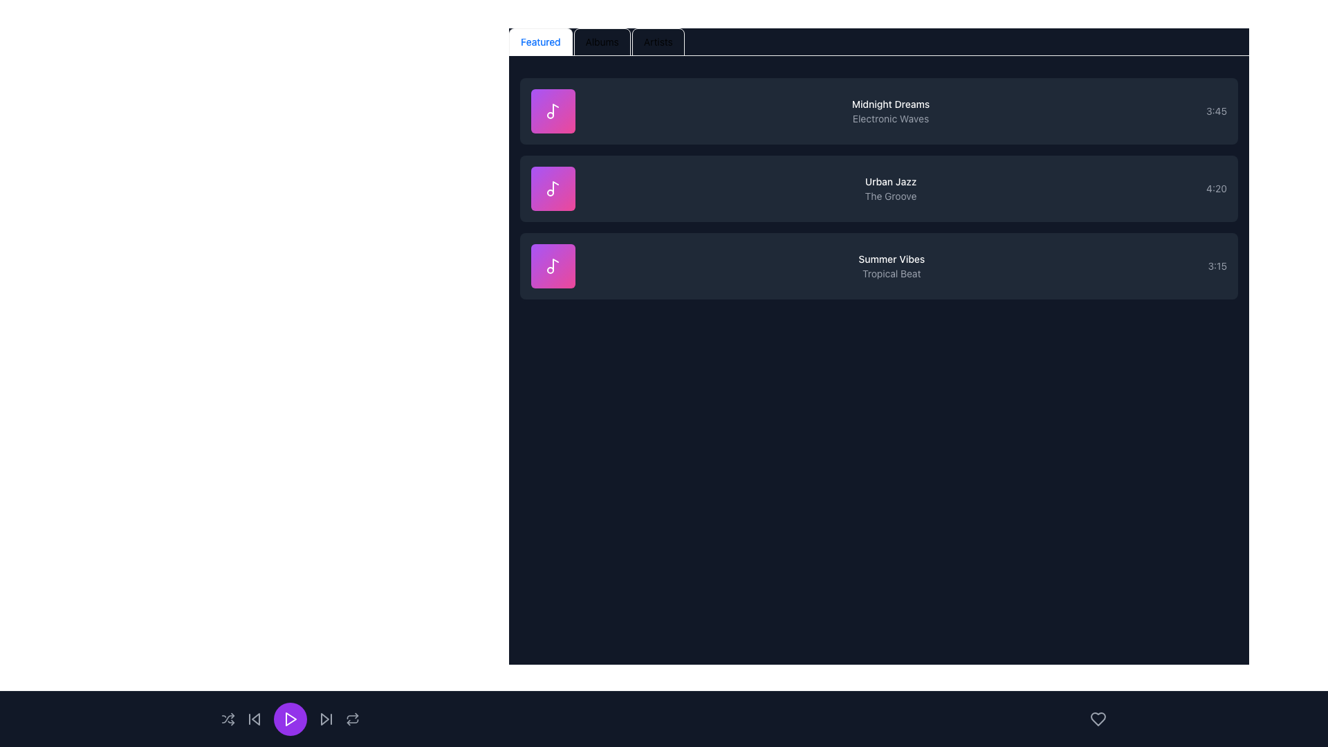 The image size is (1328, 747). Describe the element at coordinates (255, 719) in the screenshot. I see `the skip-backward button with a left-pointing arrow icon to change its color from gray to white` at that location.